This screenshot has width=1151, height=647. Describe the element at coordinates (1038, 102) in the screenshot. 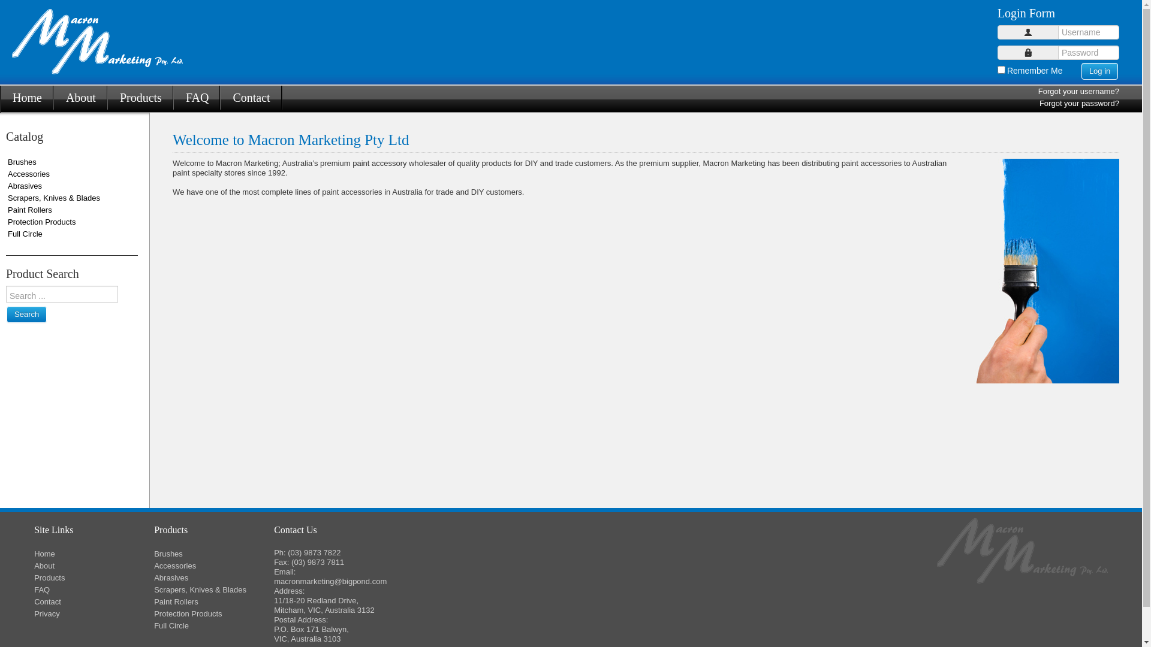

I see `'Forgot your password?'` at that location.